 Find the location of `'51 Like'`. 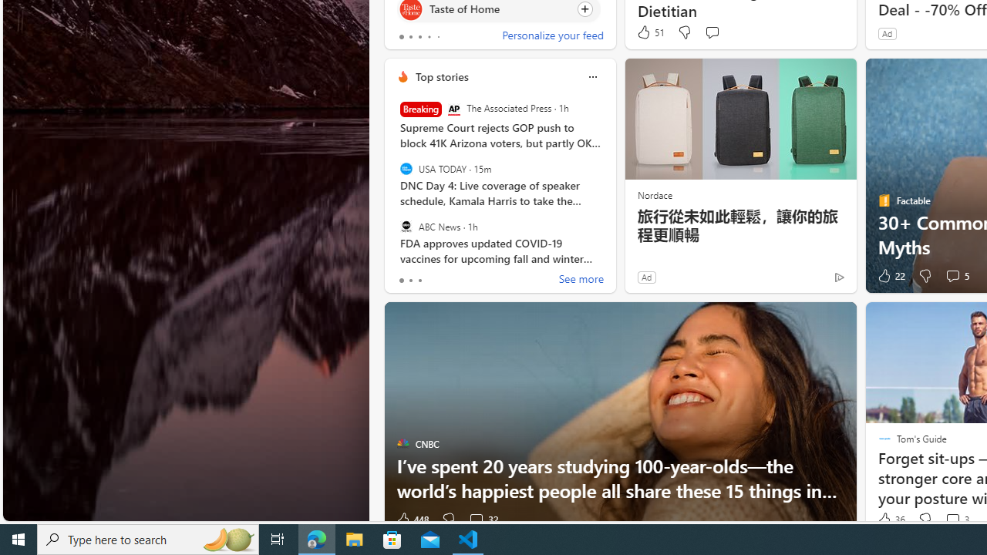

'51 Like' is located at coordinates (650, 32).